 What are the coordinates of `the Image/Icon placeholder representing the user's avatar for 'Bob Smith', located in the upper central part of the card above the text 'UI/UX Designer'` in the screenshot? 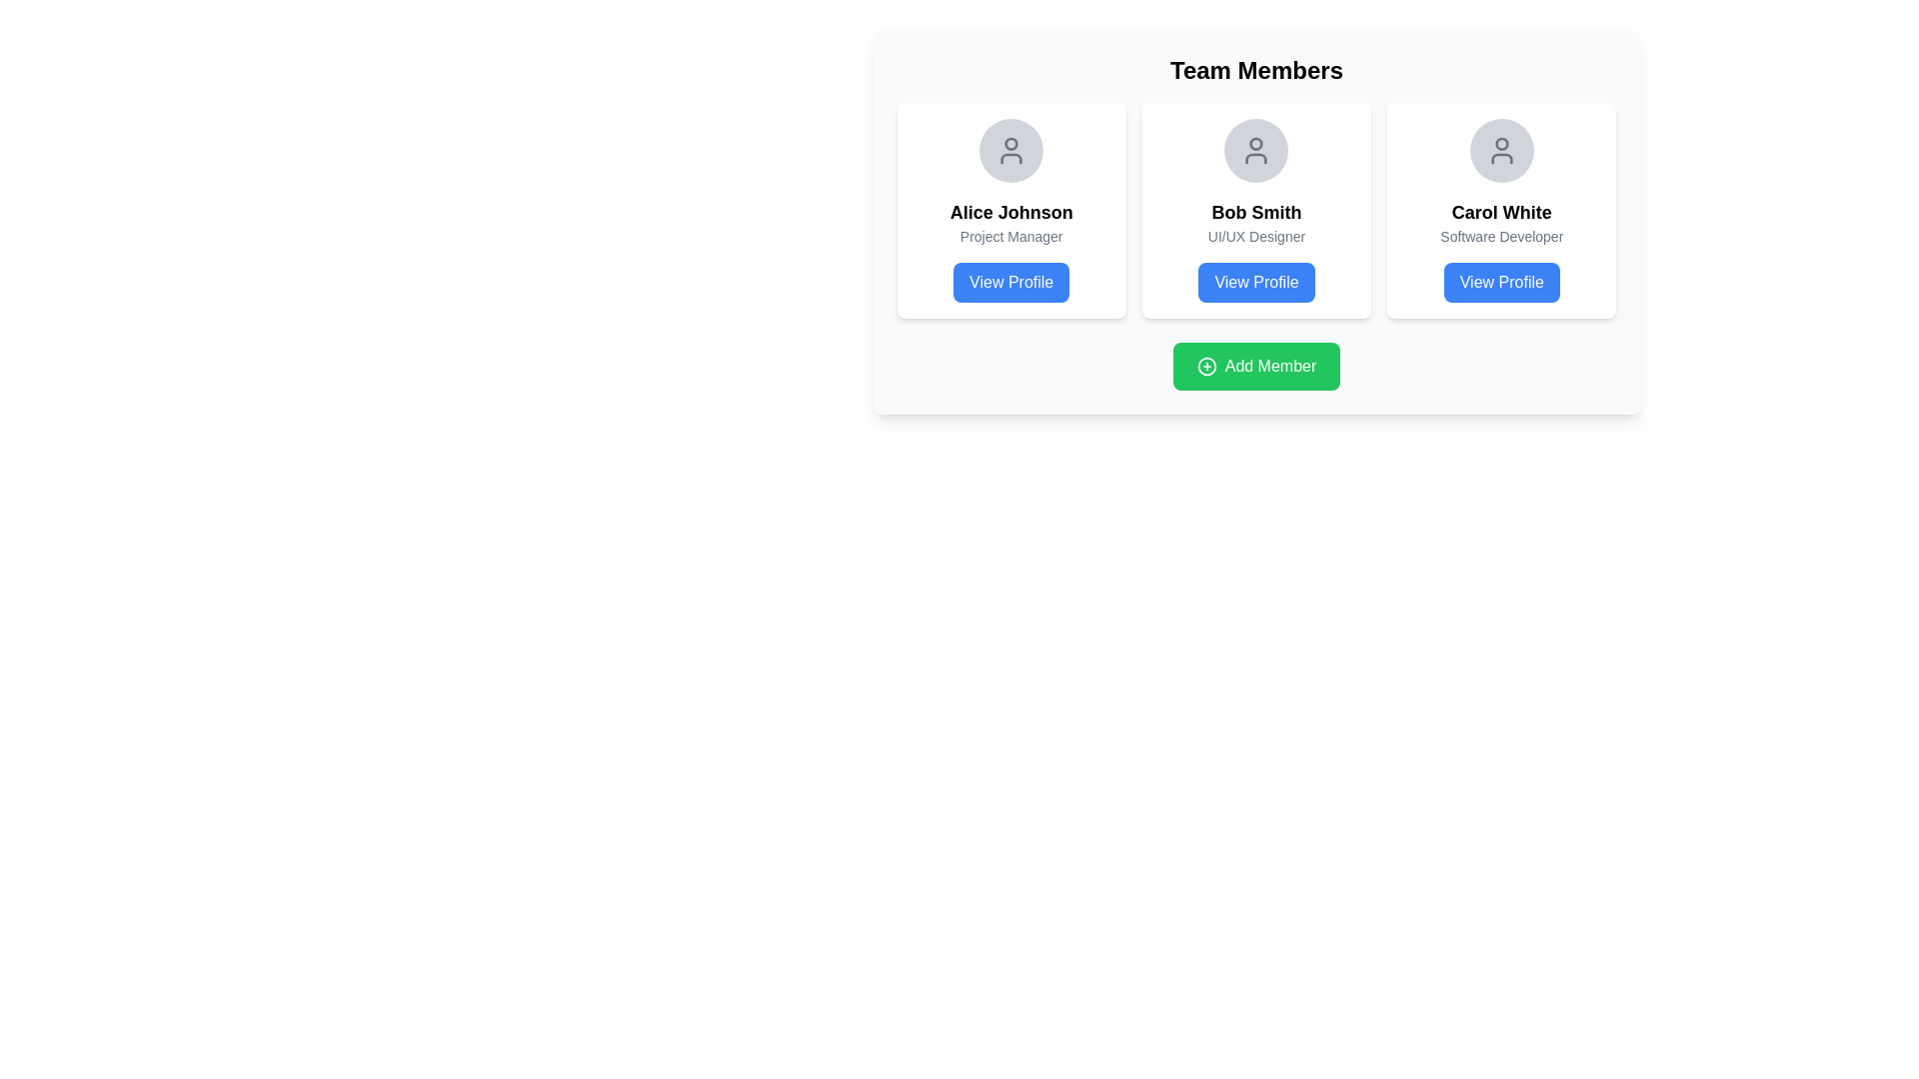 It's located at (1255, 149).